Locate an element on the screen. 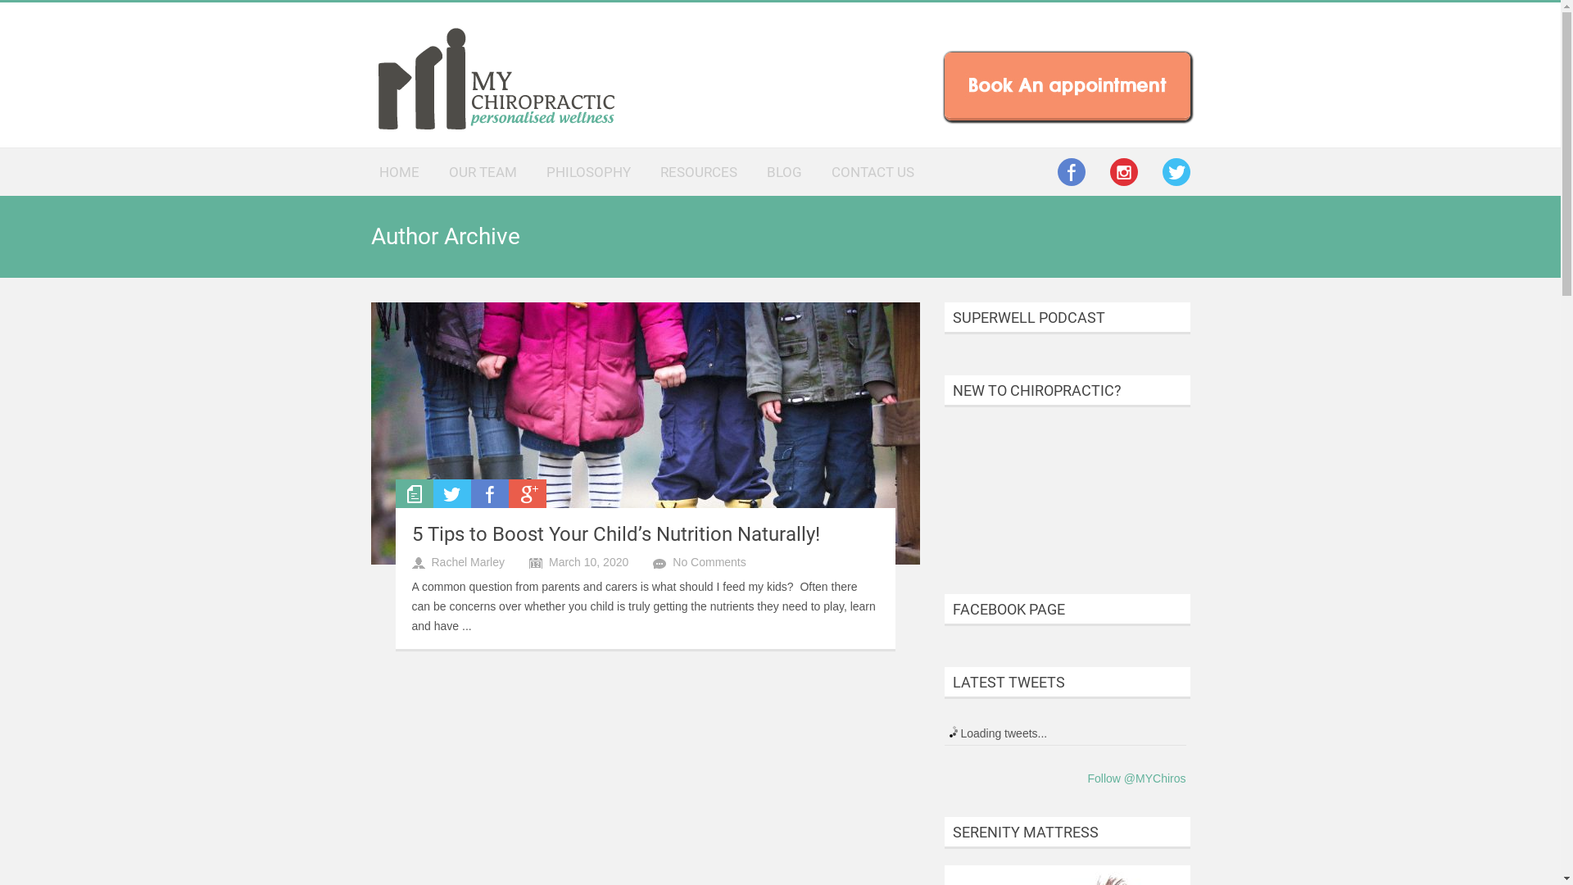 The image size is (1573, 885). 'BLOG' is located at coordinates (783, 170).